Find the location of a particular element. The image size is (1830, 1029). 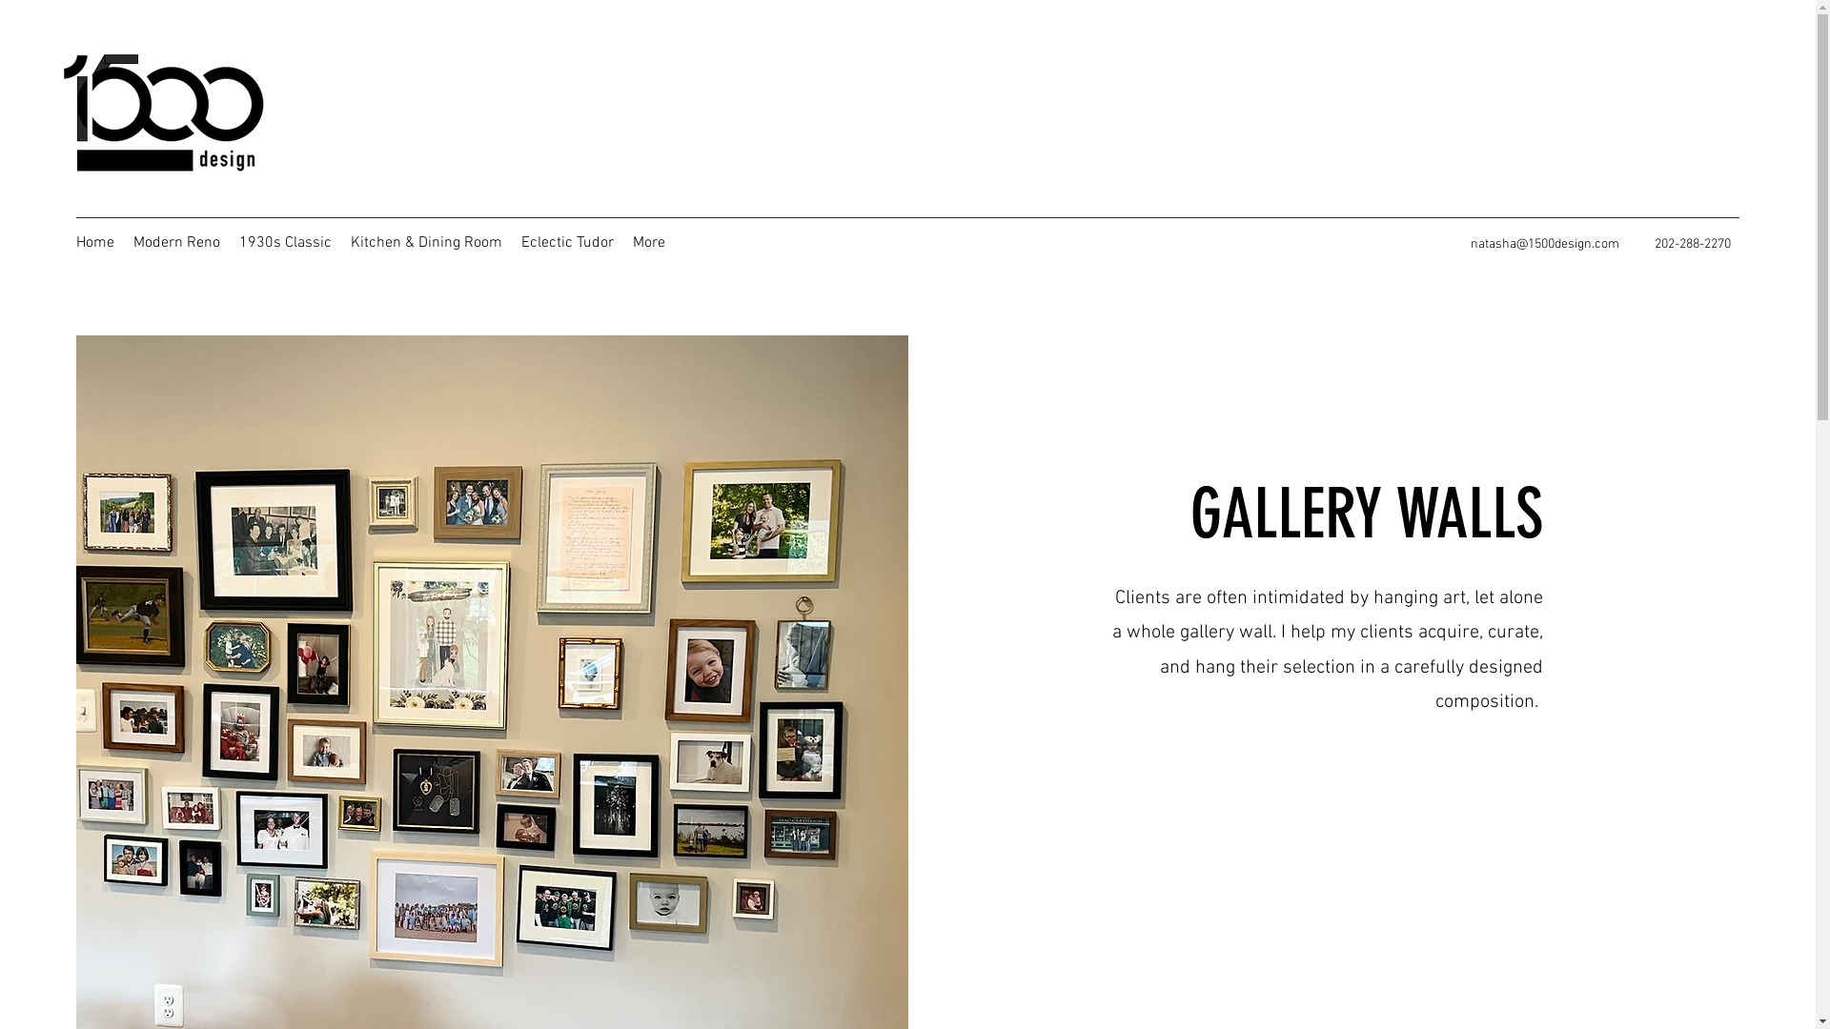

'Home' is located at coordinates (94, 241).